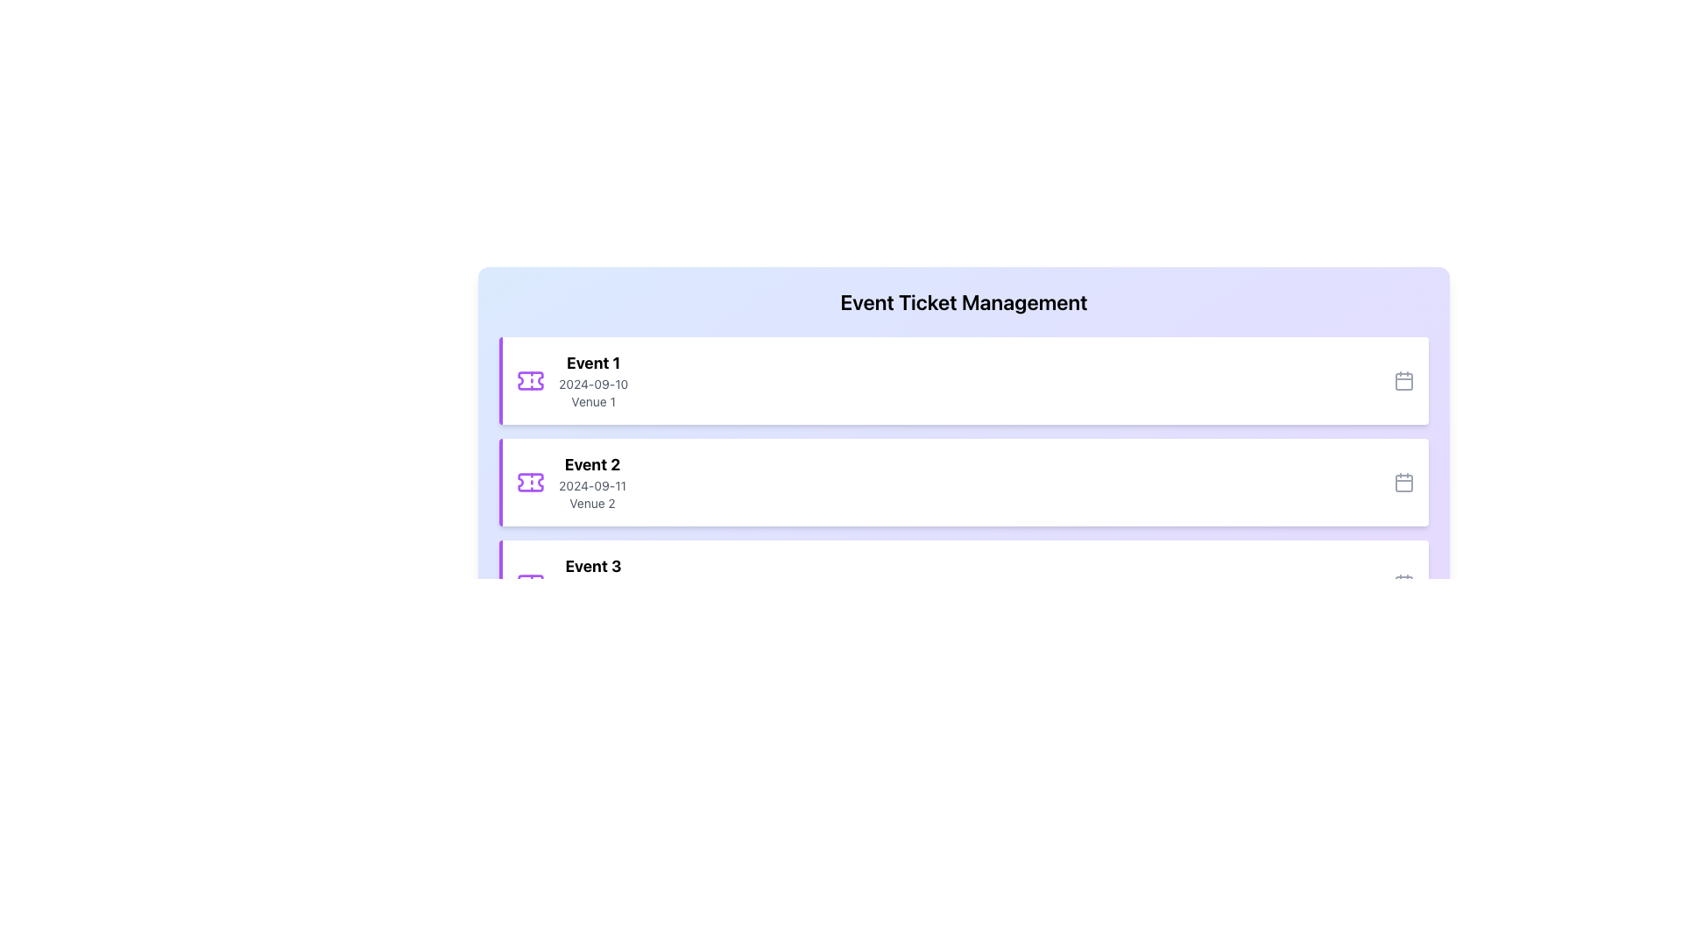 The height and width of the screenshot is (946, 1682). I want to click on the stylized ticket icon located in the middle-left region of 'Event 2' entry, positioned to the left of the event's textual content, so click(529, 483).